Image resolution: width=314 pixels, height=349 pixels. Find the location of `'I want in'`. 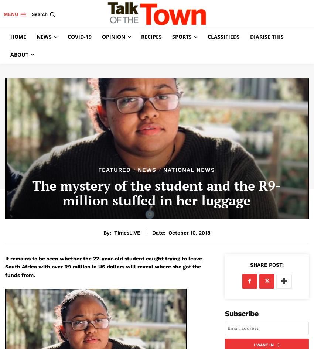

'I want in' is located at coordinates (263, 344).